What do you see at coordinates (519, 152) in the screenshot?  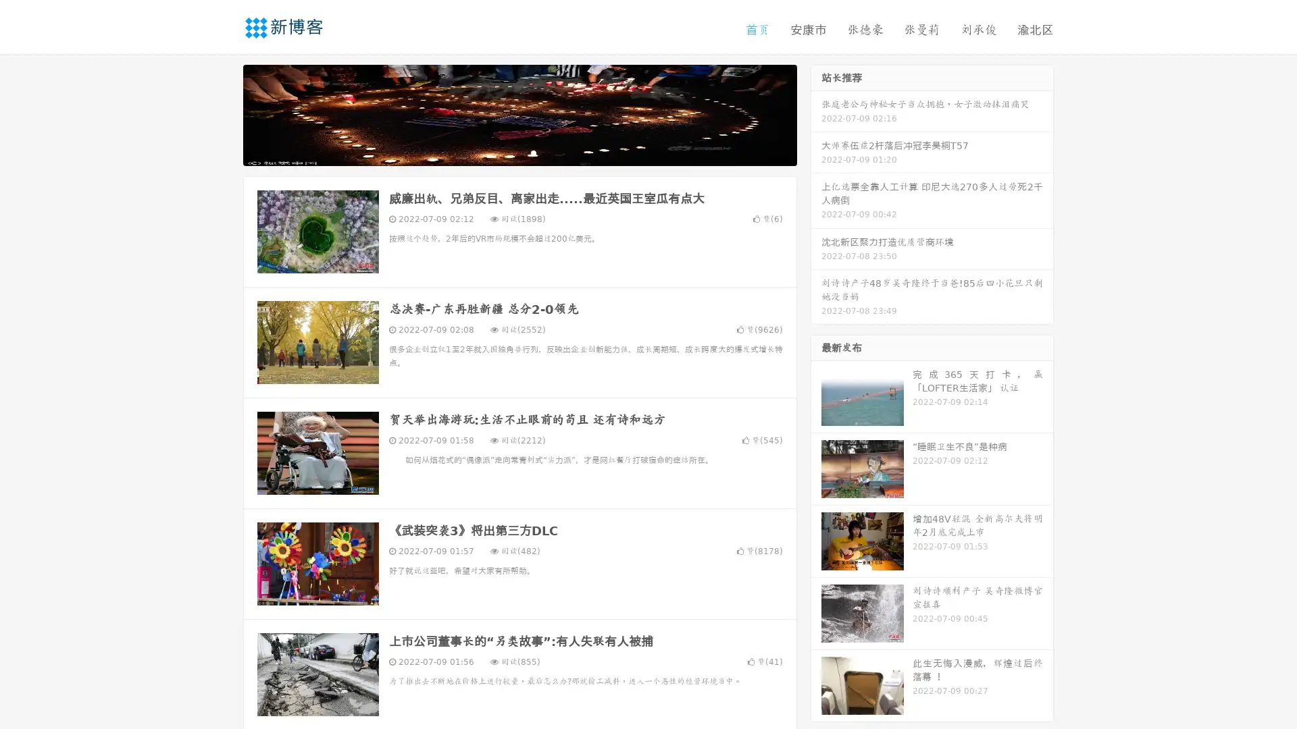 I see `Go to slide 2` at bounding box center [519, 152].